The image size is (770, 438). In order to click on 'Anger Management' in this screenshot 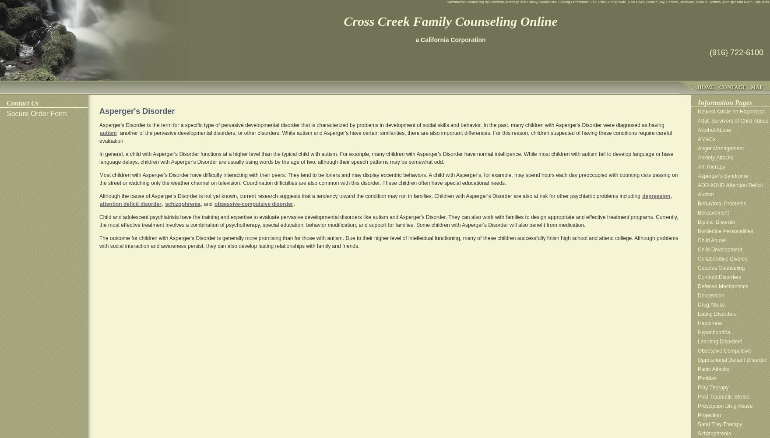, I will do `click(720, 148)`.